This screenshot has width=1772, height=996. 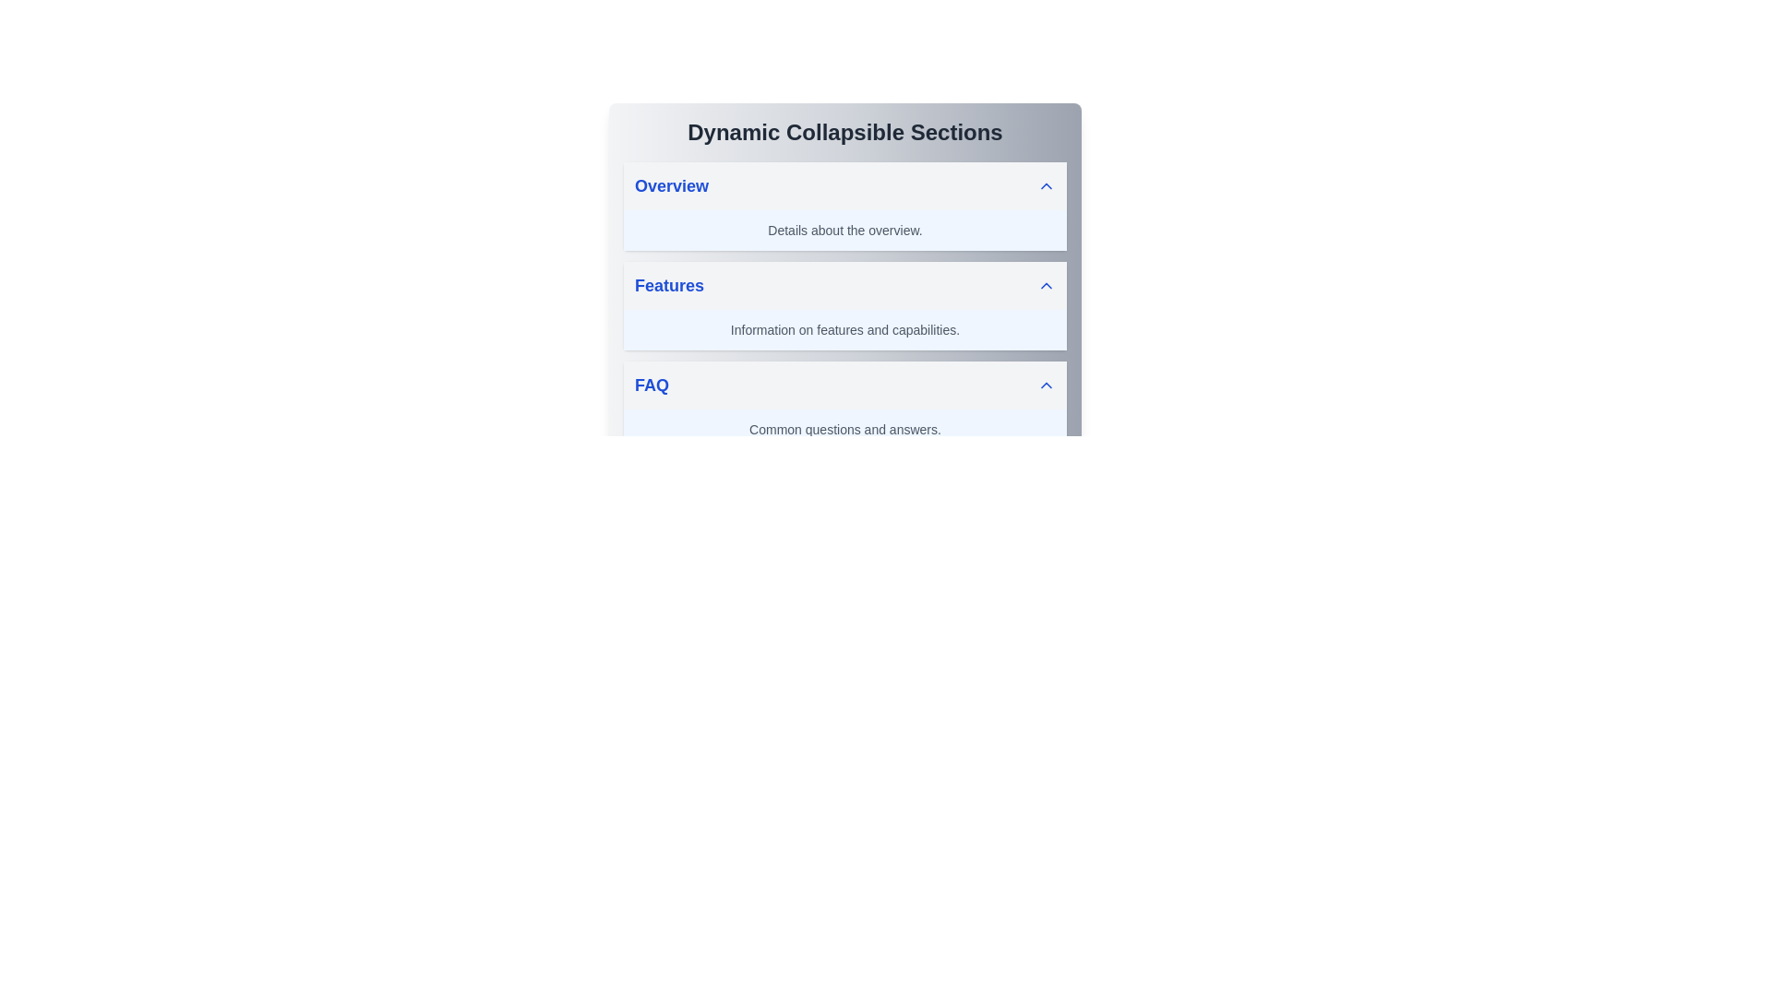 What do you see at coordinates (844, 304) in the screenshot?
I see `the Collapsible Section labeled 'Features'` at bounding box center [844, 304].